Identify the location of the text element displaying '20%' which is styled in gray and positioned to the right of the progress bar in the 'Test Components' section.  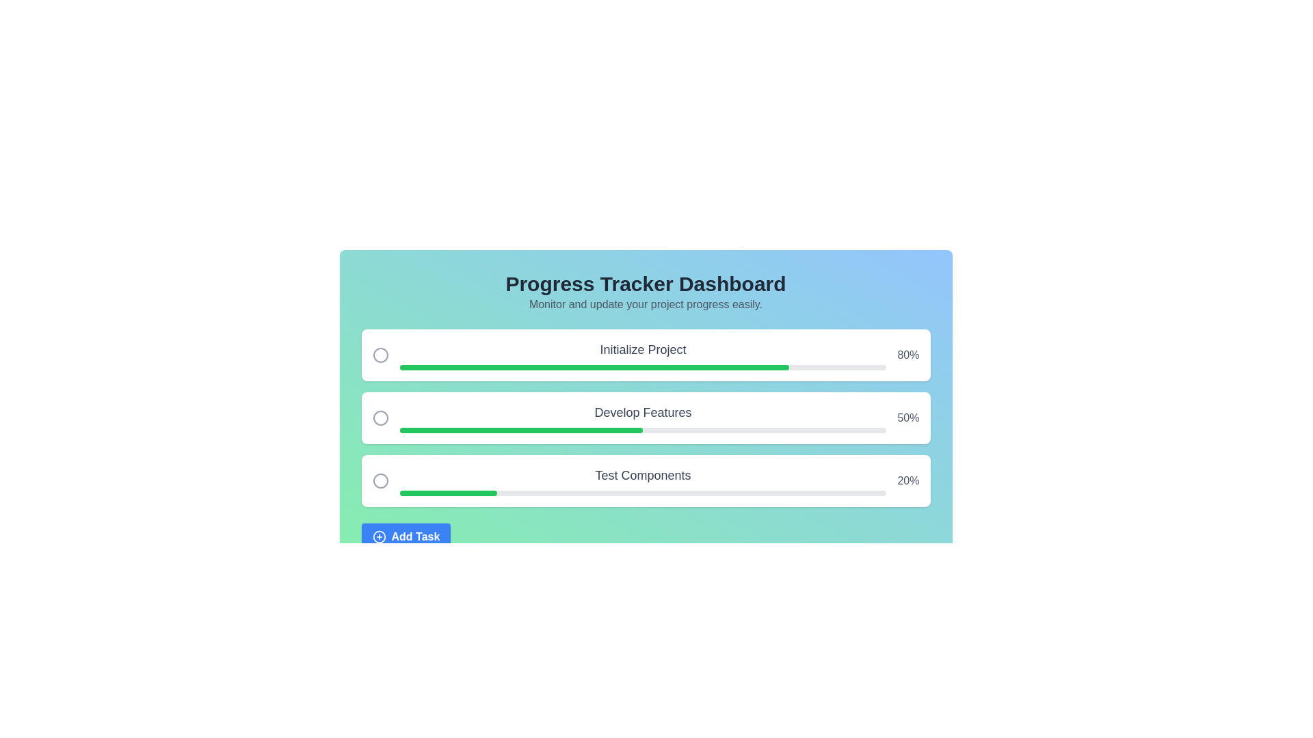
(908, 480).